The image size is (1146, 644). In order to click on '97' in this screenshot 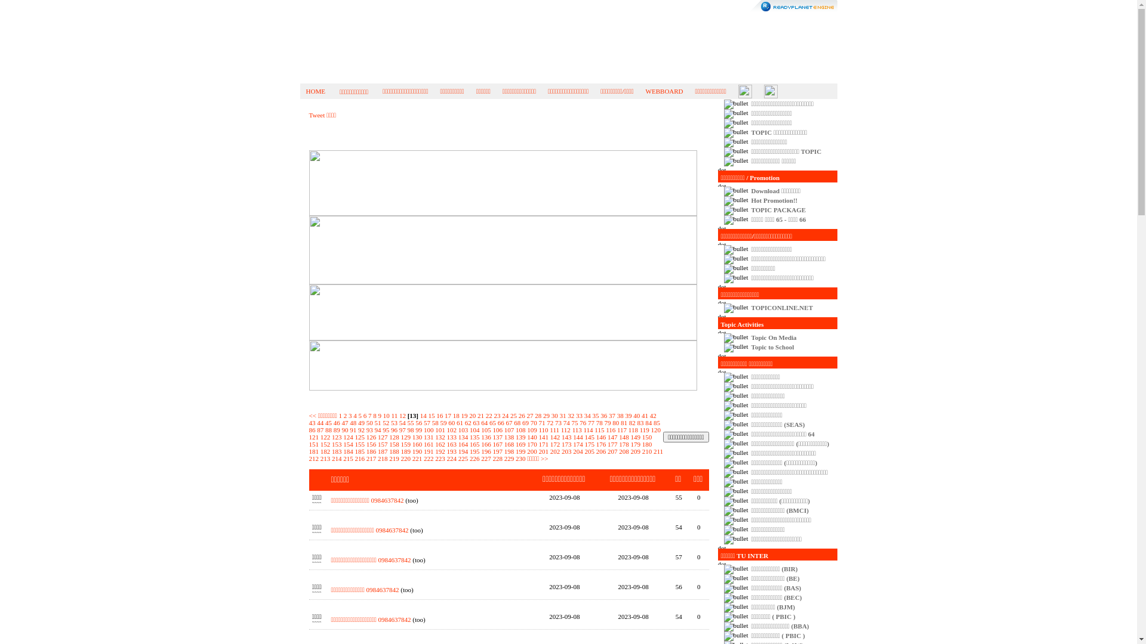, I will do `click(402, 430)`.